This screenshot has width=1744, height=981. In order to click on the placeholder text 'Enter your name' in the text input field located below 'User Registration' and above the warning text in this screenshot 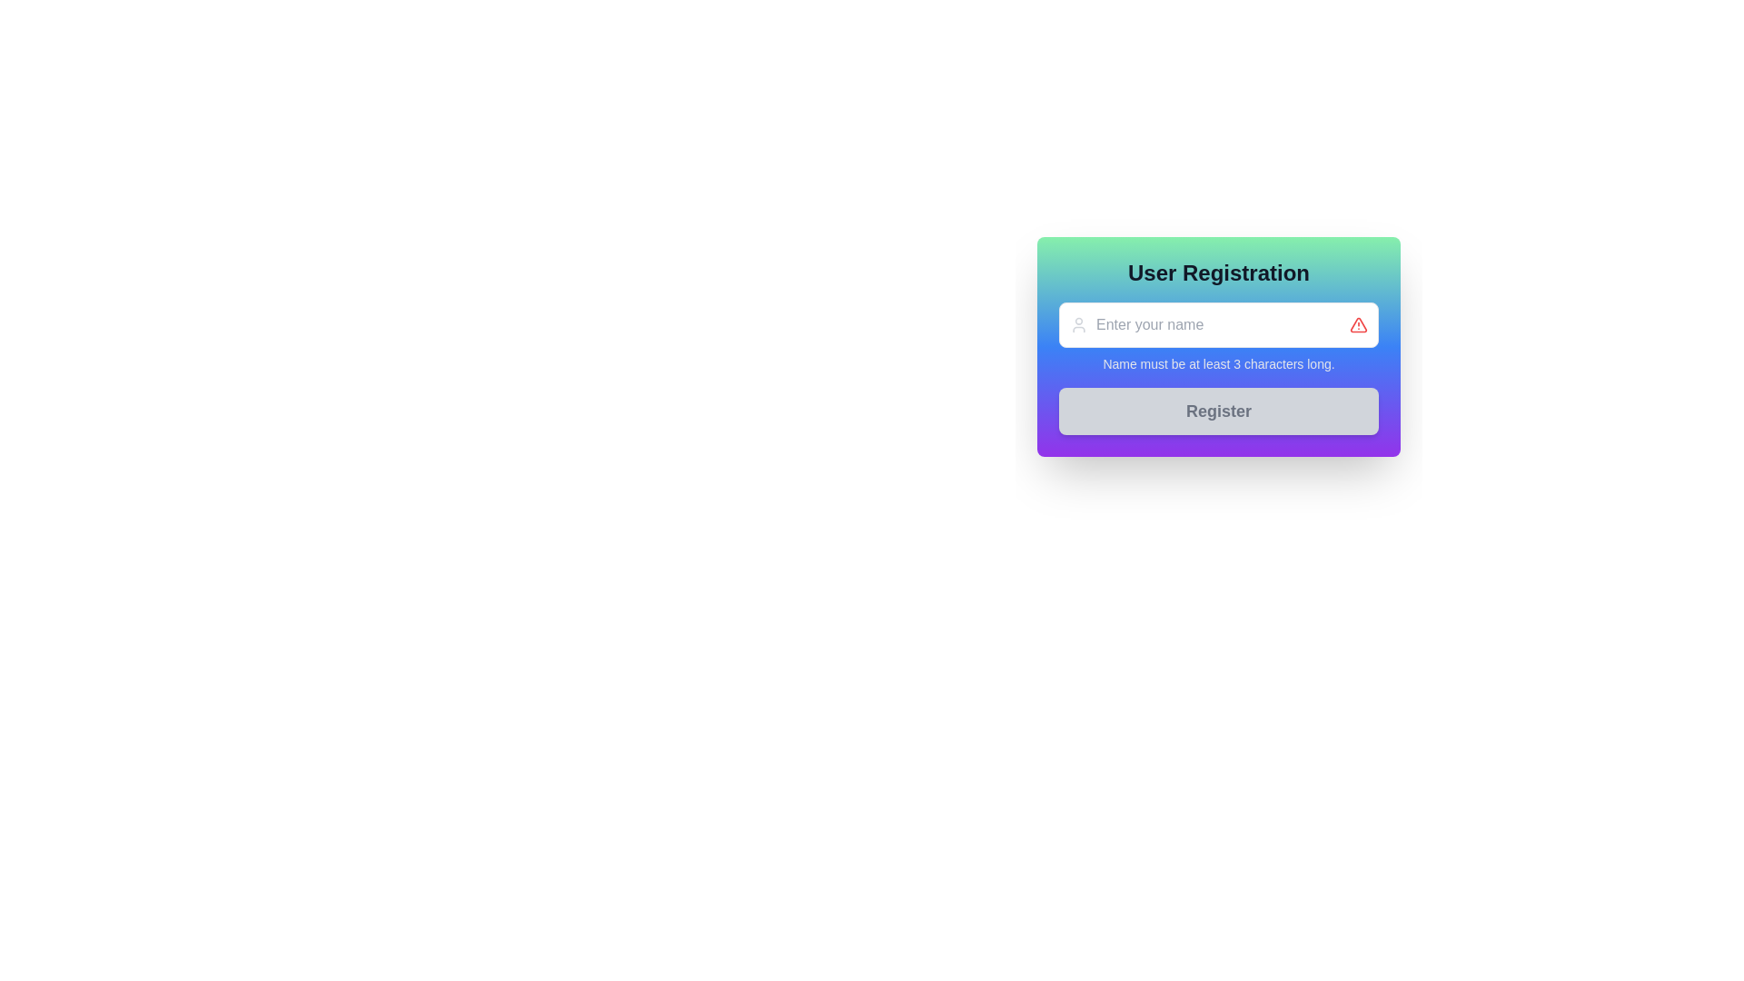, I will do `click(1219, 324)`.